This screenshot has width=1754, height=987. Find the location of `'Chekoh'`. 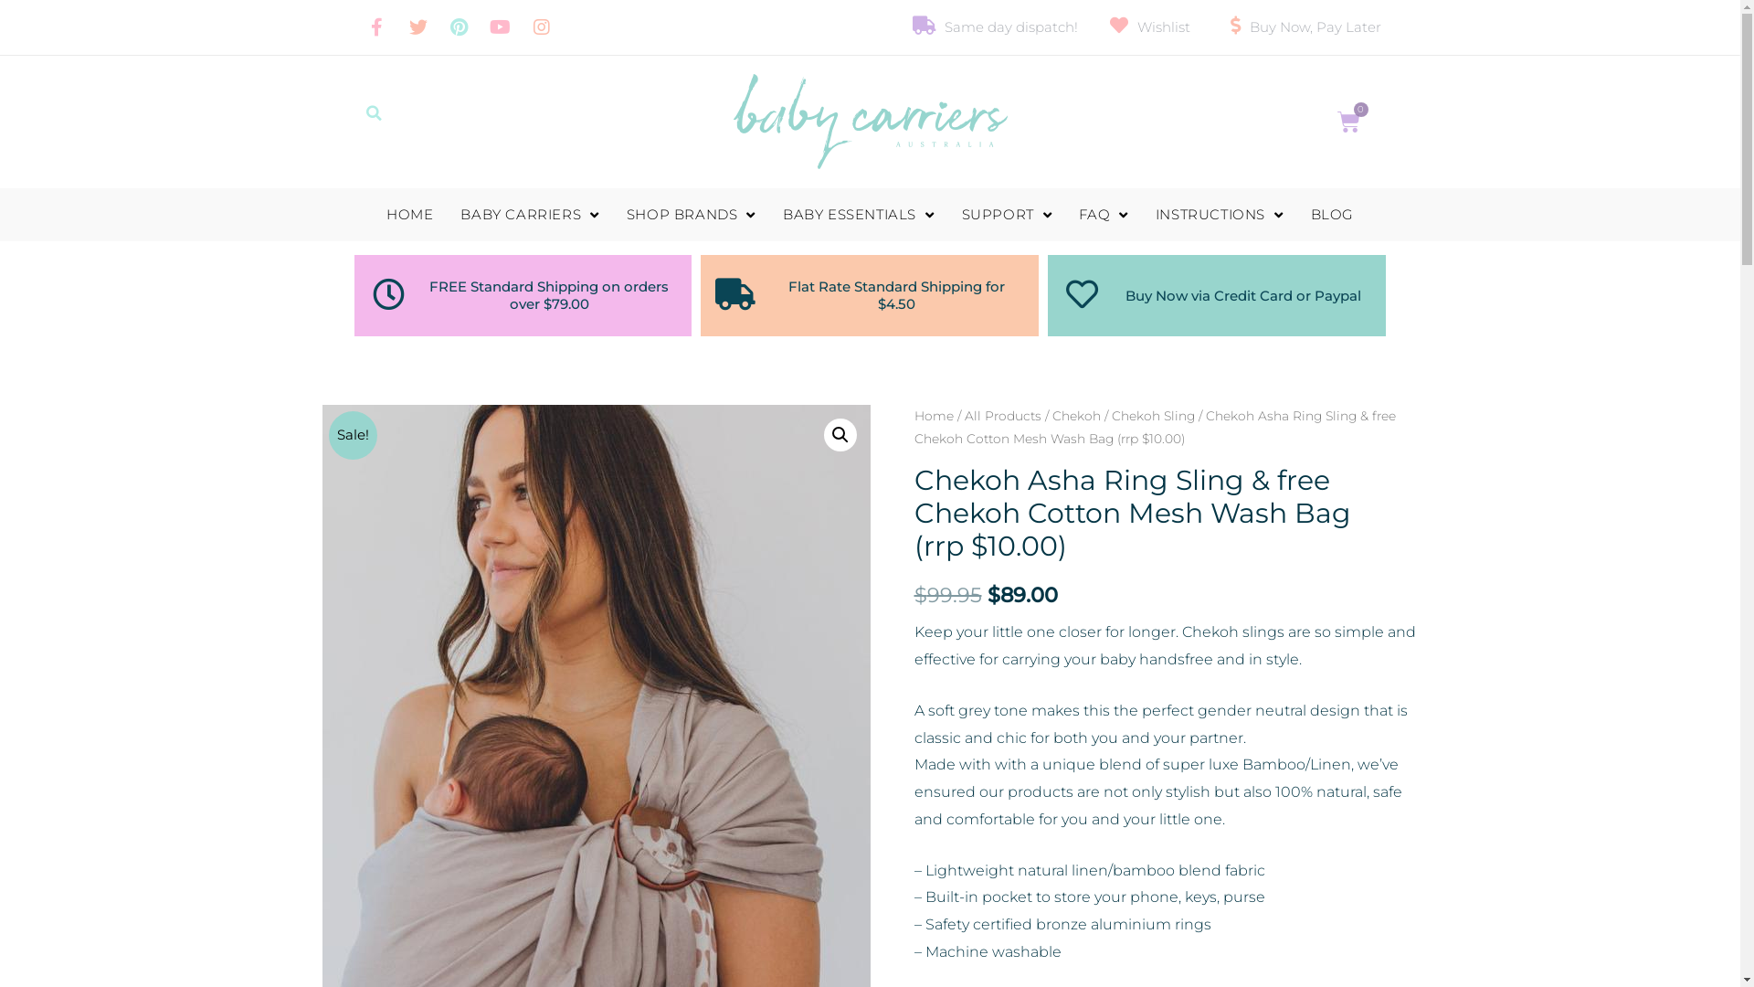

'Chekoh' is located at coordinates (1052, 416).